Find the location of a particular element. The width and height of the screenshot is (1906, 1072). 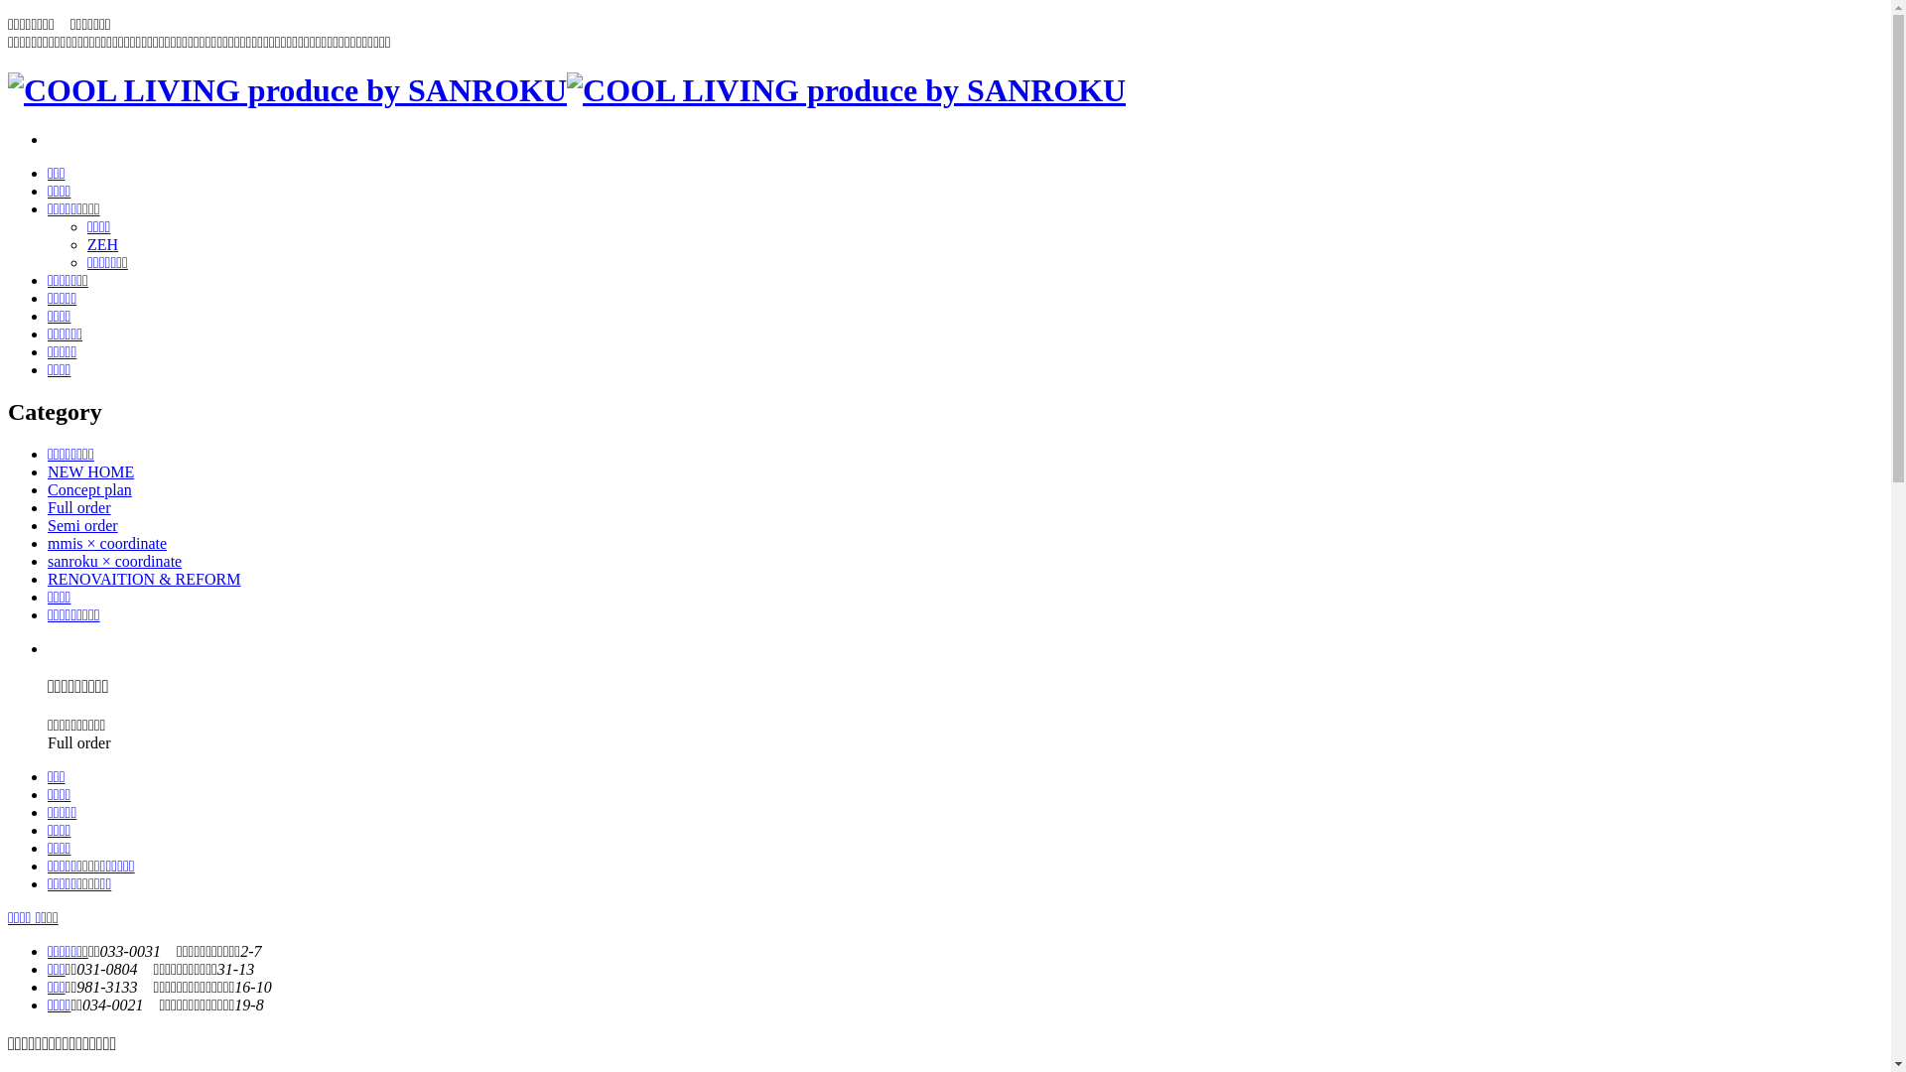

'Full order' is located at coordinates (79, 506).